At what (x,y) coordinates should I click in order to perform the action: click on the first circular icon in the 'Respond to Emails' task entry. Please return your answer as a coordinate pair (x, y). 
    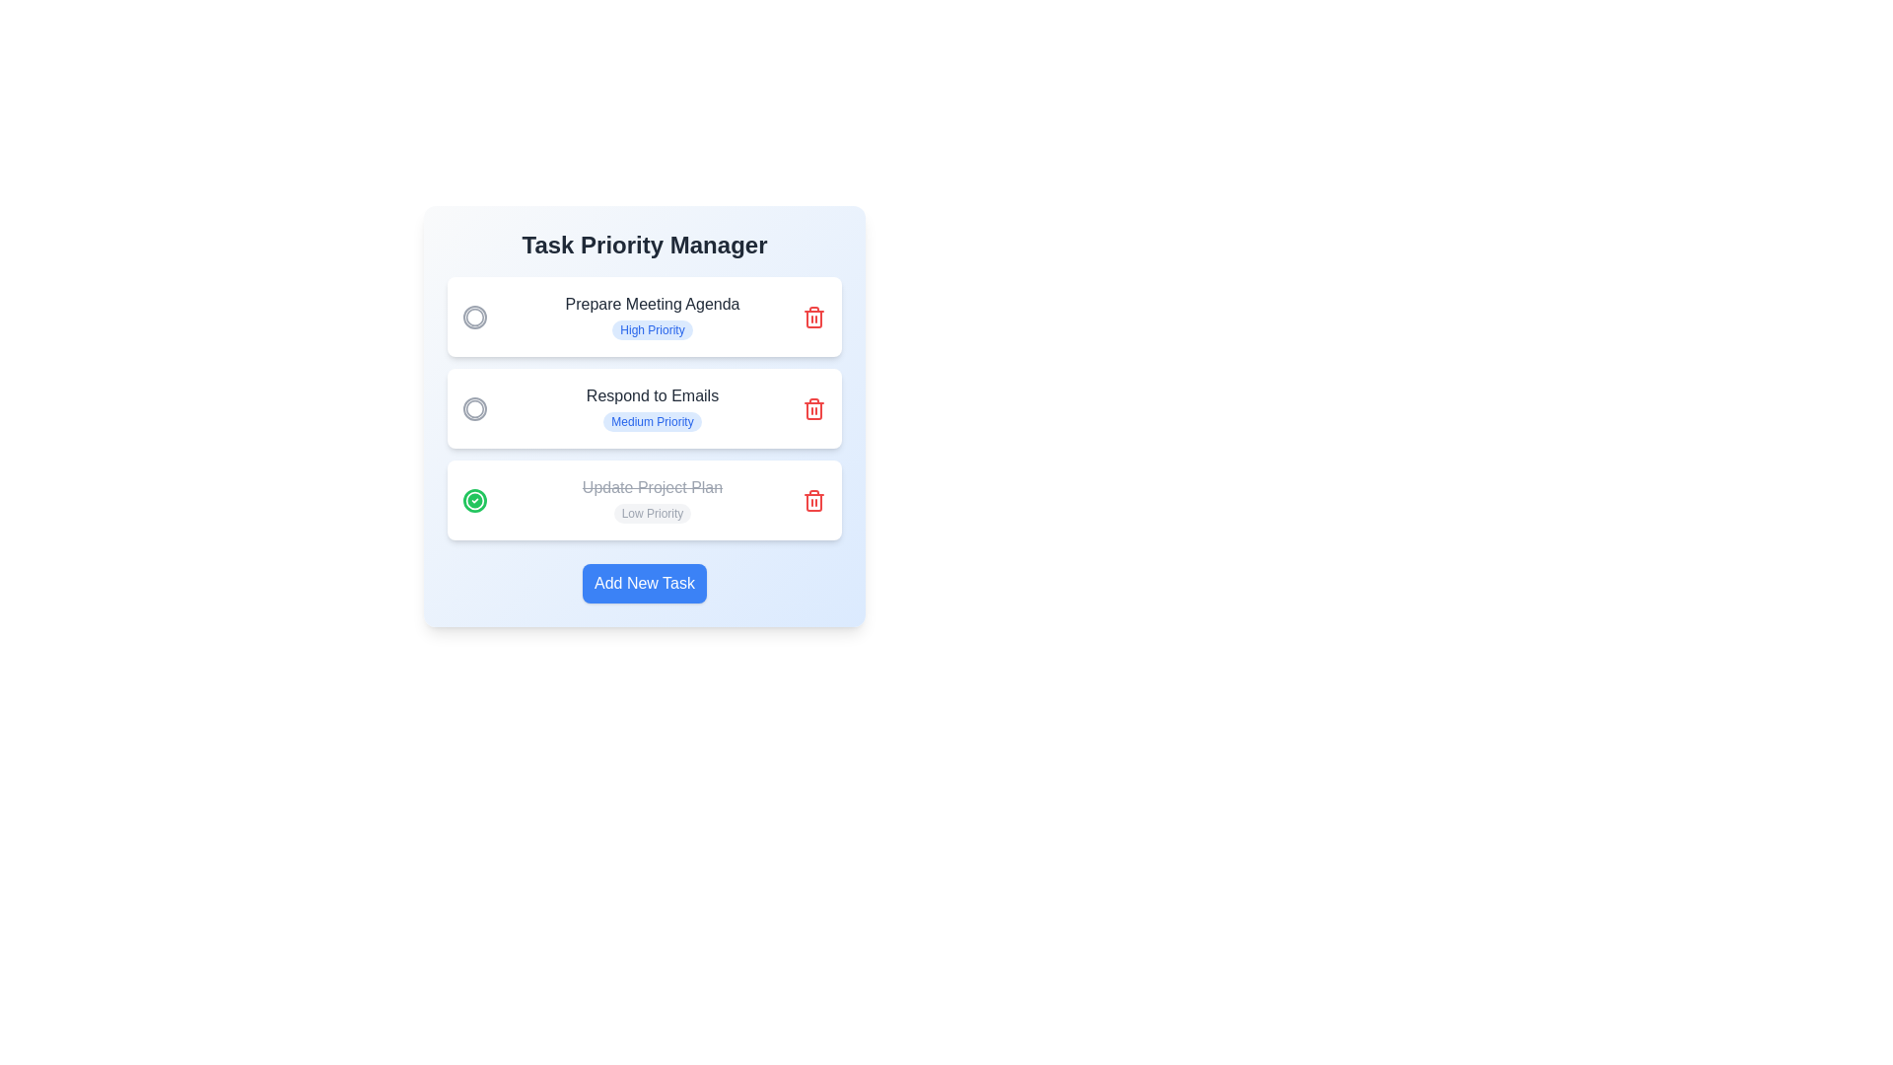
    Looking at the image, I should click on (474, 406).